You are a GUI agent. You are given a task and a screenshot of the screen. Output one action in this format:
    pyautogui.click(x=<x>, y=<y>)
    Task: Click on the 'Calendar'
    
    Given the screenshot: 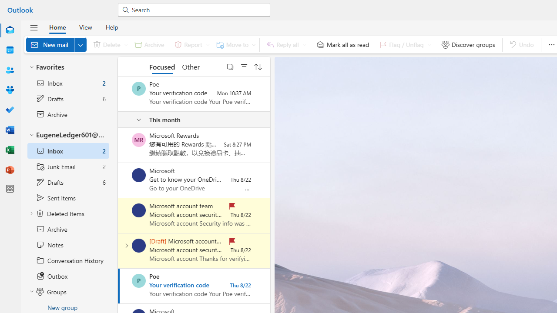 What is the action you would take?
    pyautogui.click(x=10, y=50)
    